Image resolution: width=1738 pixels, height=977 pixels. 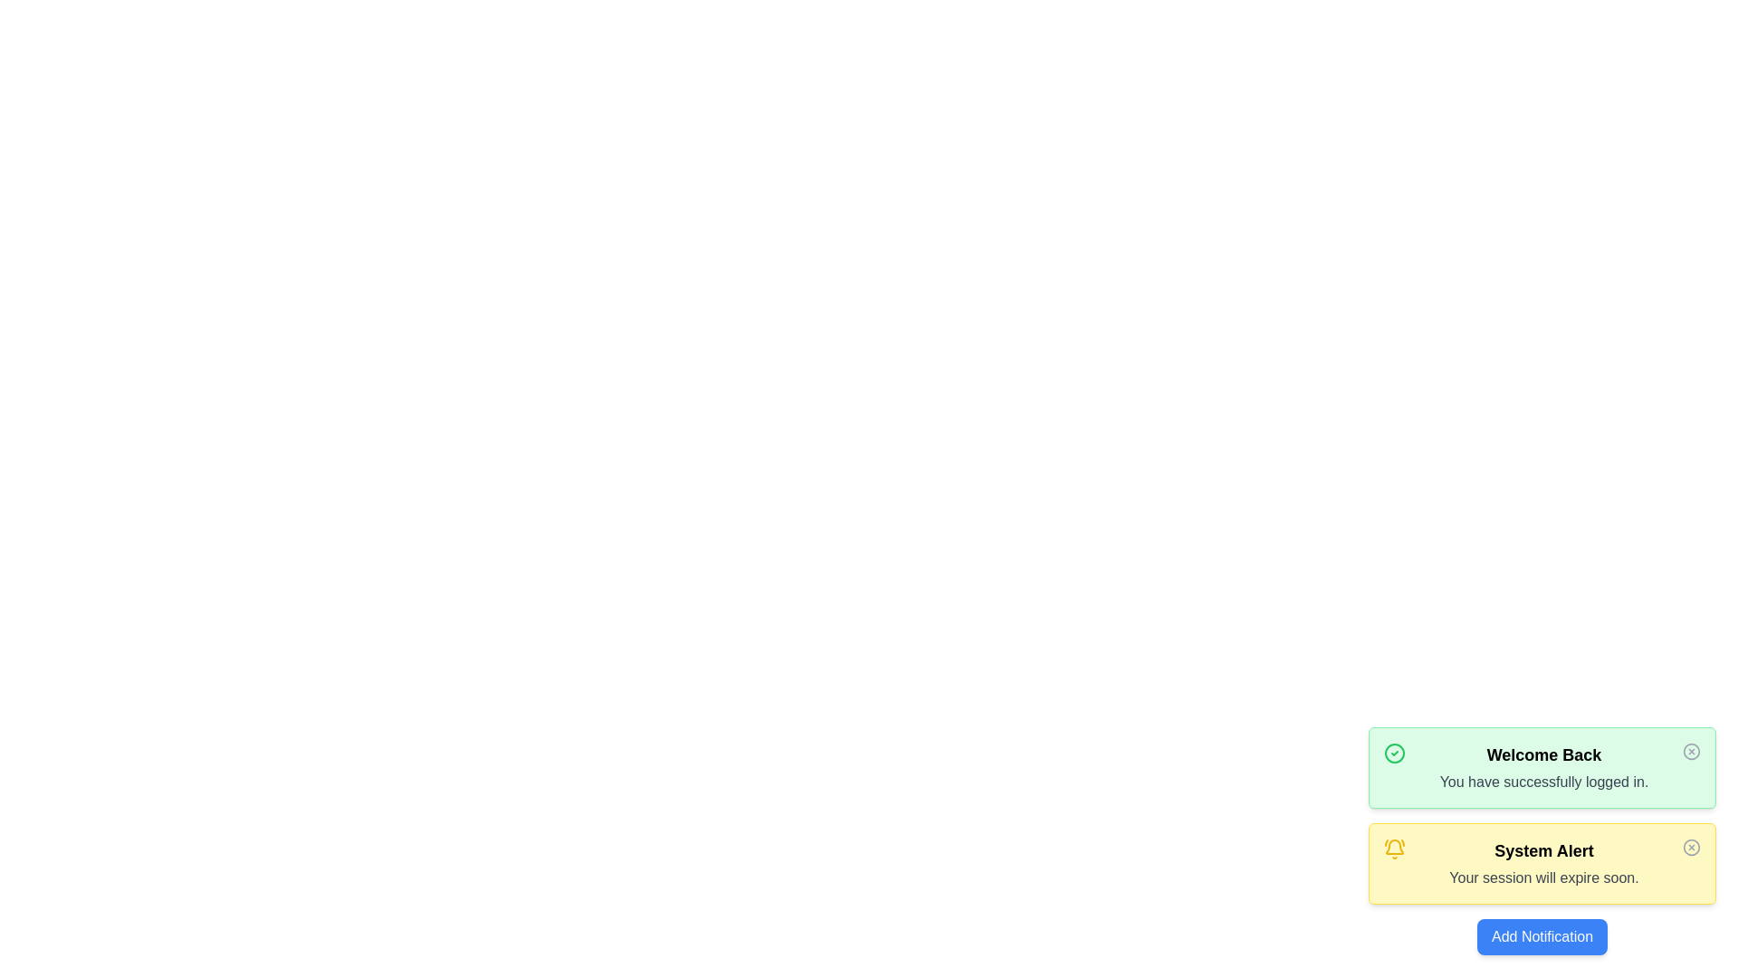 I want to click on the heading text of the notification area, so click(x=1542, y=754).